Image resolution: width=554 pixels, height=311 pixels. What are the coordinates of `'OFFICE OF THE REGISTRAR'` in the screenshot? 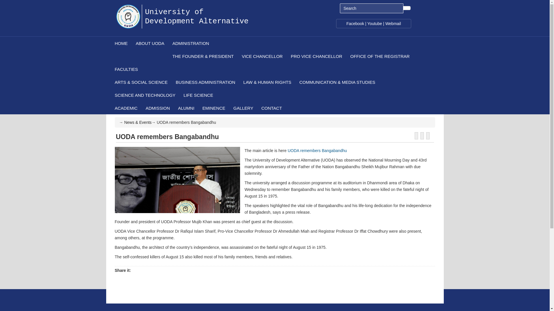 It's located at (379, 56).